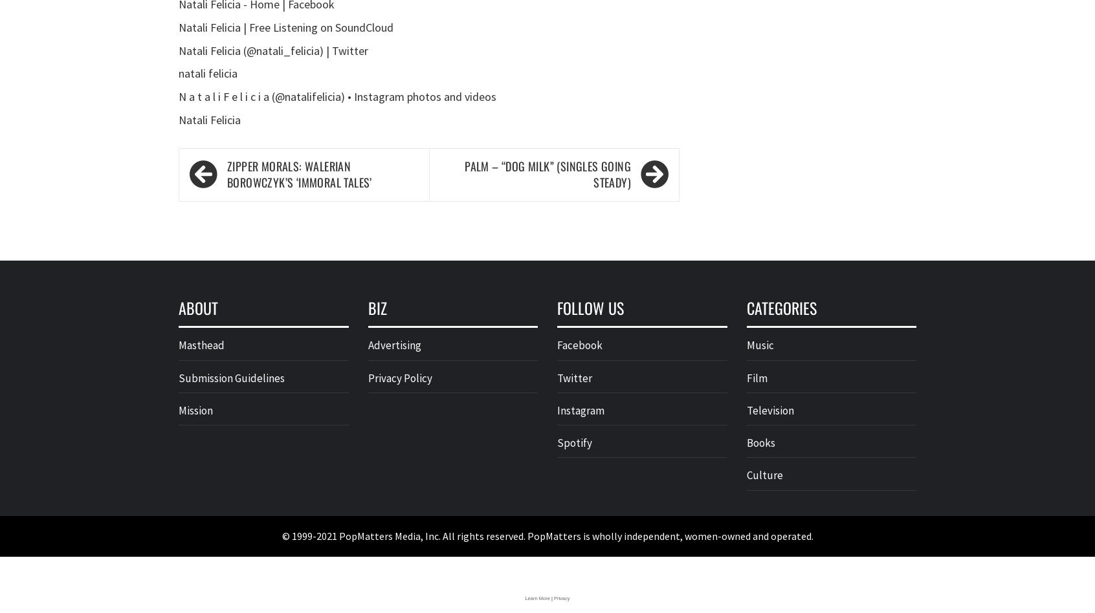 The width and height of the screenshot is (1095, 613). Describe the element at coordinates (573, 442) in the screenshot. I see `'Spotify'` at that location.